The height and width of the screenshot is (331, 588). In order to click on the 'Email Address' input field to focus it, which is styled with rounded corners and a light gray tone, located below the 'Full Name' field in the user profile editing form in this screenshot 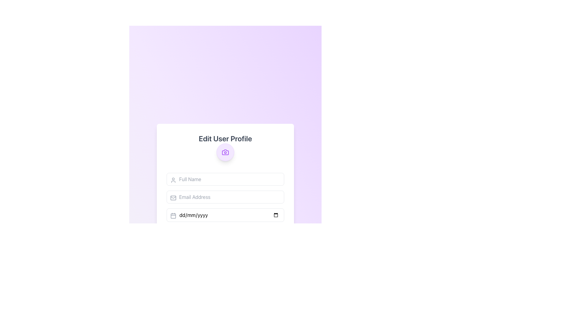, I will do `click(225, 197)`.